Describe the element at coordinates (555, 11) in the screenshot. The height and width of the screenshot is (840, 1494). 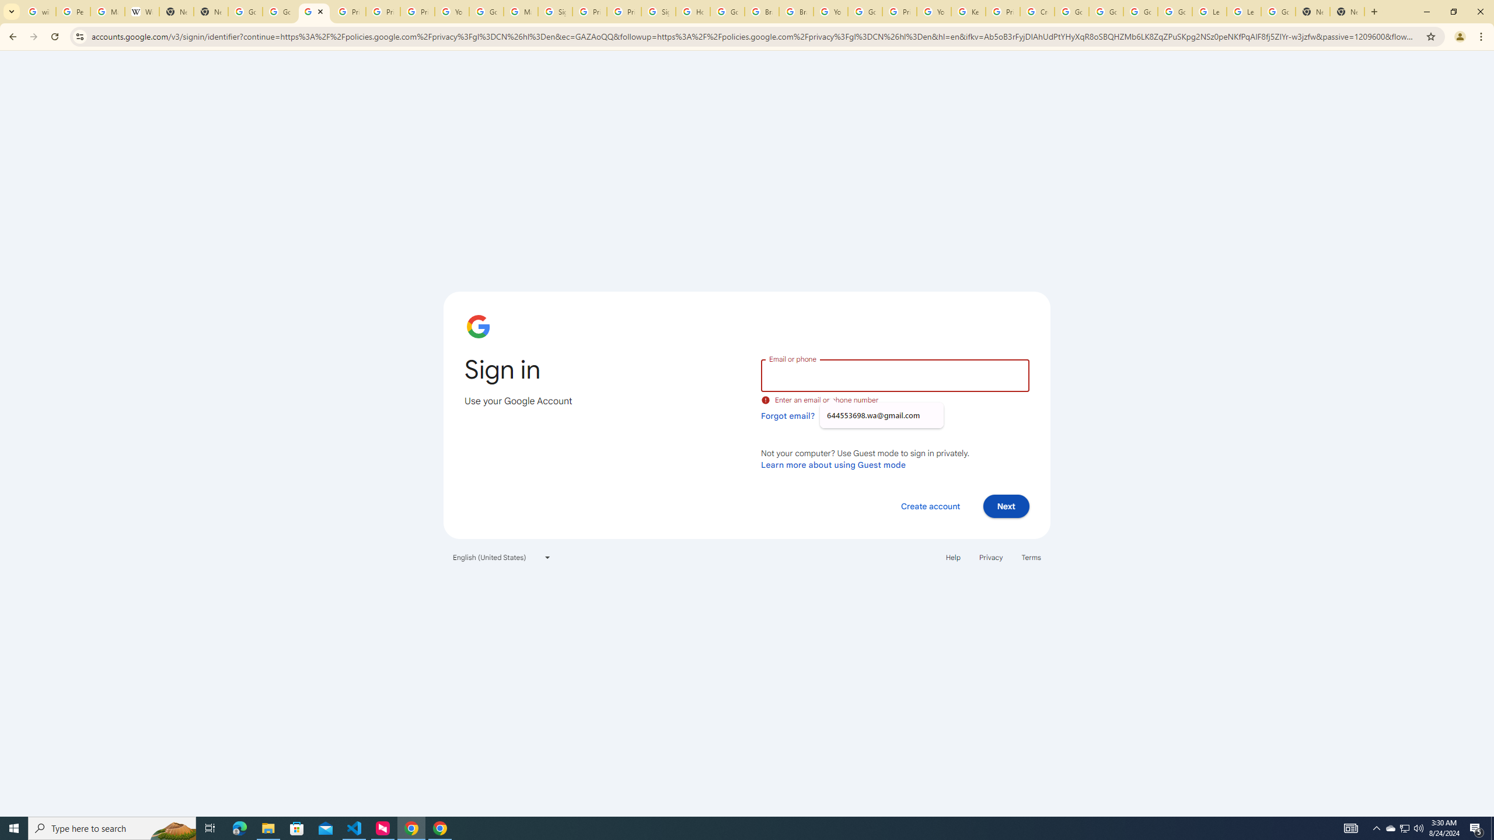
I see `'Sign in - Google Accounts'` at that location.